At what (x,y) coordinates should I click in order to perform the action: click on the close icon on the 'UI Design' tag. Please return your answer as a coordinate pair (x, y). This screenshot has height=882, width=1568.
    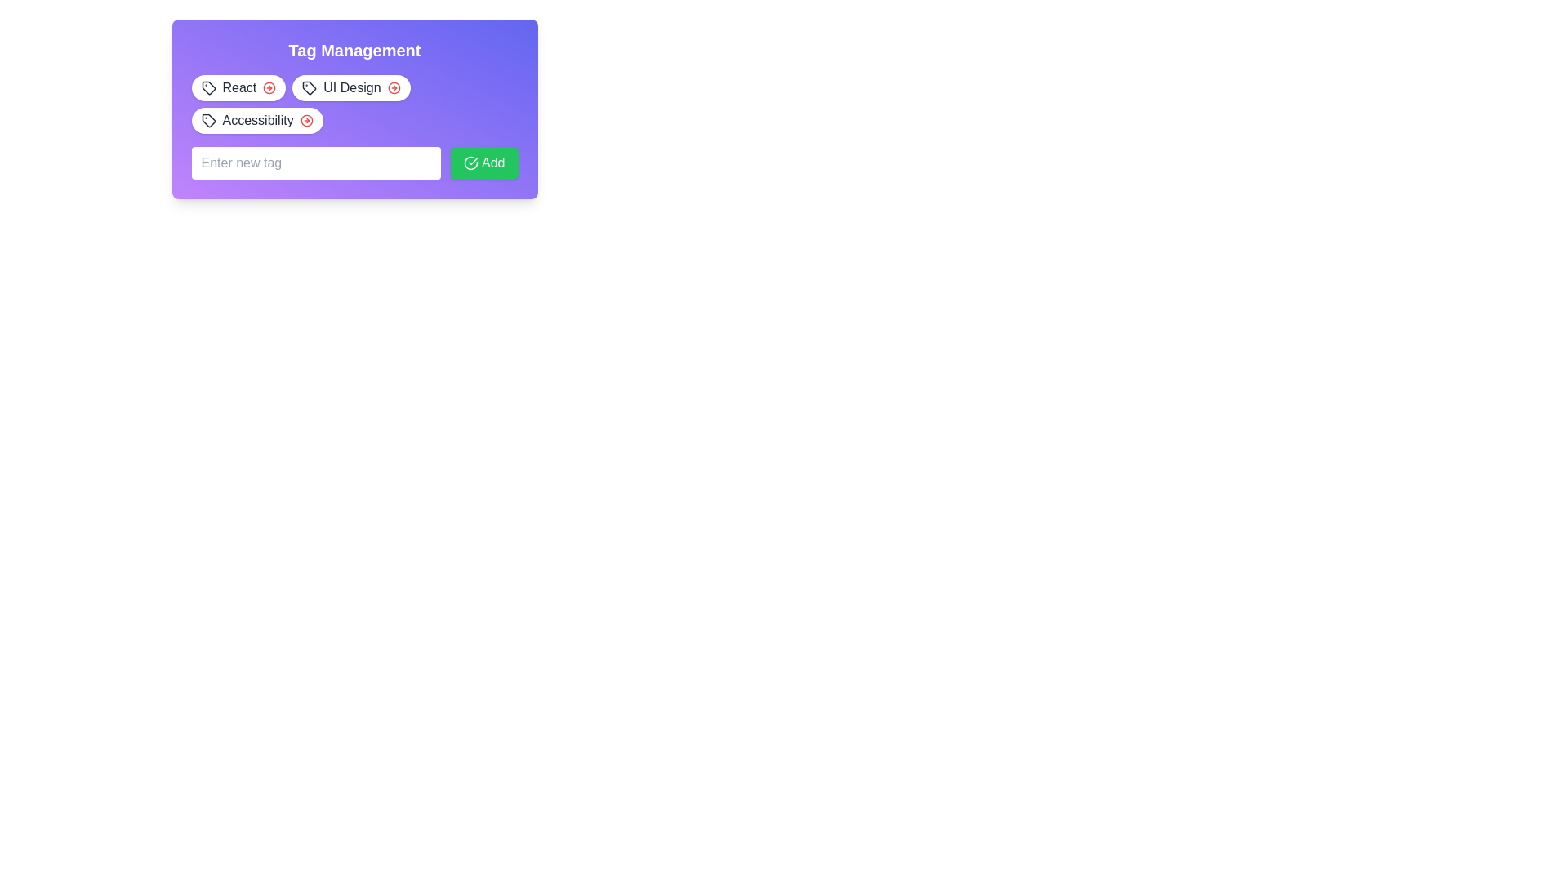
    Looking at the image, I should click on (350, 88).